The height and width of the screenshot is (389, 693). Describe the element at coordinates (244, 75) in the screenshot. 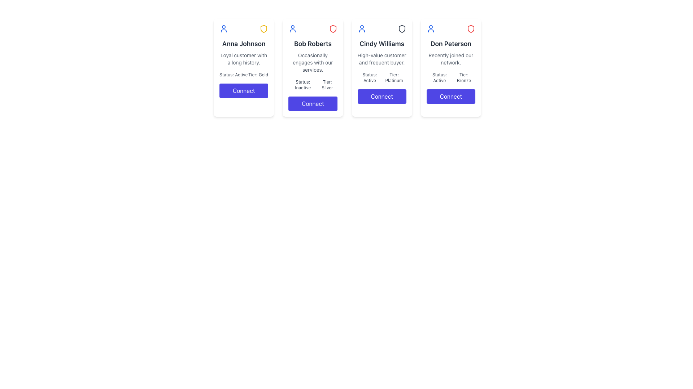

I see `the text display block showing 'Status: Active Tier: Gold' located in Anna Johnson's information card, positioned above the 'Connect' button` at that location.